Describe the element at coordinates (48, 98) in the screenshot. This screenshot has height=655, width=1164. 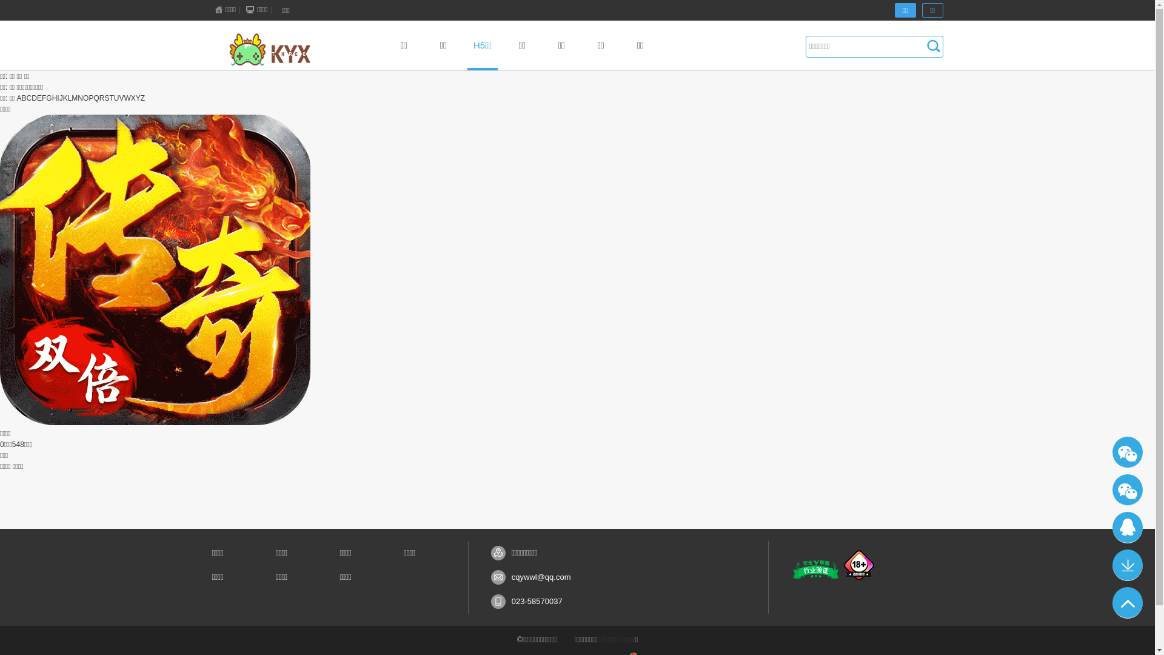
I see `'G'` at that location.